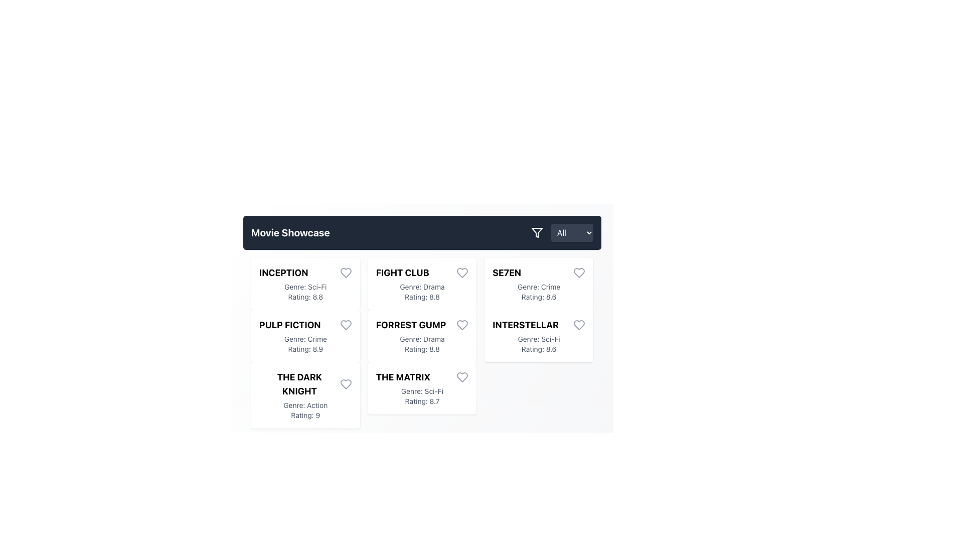 Image resolution: width=963 pixels, height=542 pixels. I want to click on the heart-shaped icon beside 'Fight Club' to like or favorite the movie, so click(462, 273).